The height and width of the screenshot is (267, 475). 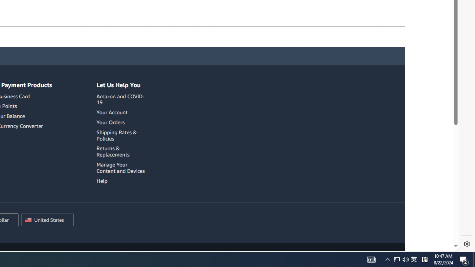 What do you see at coordinates (122, 181) in the screenshot?
I see `'Help'` at bounding box center [122, 181].